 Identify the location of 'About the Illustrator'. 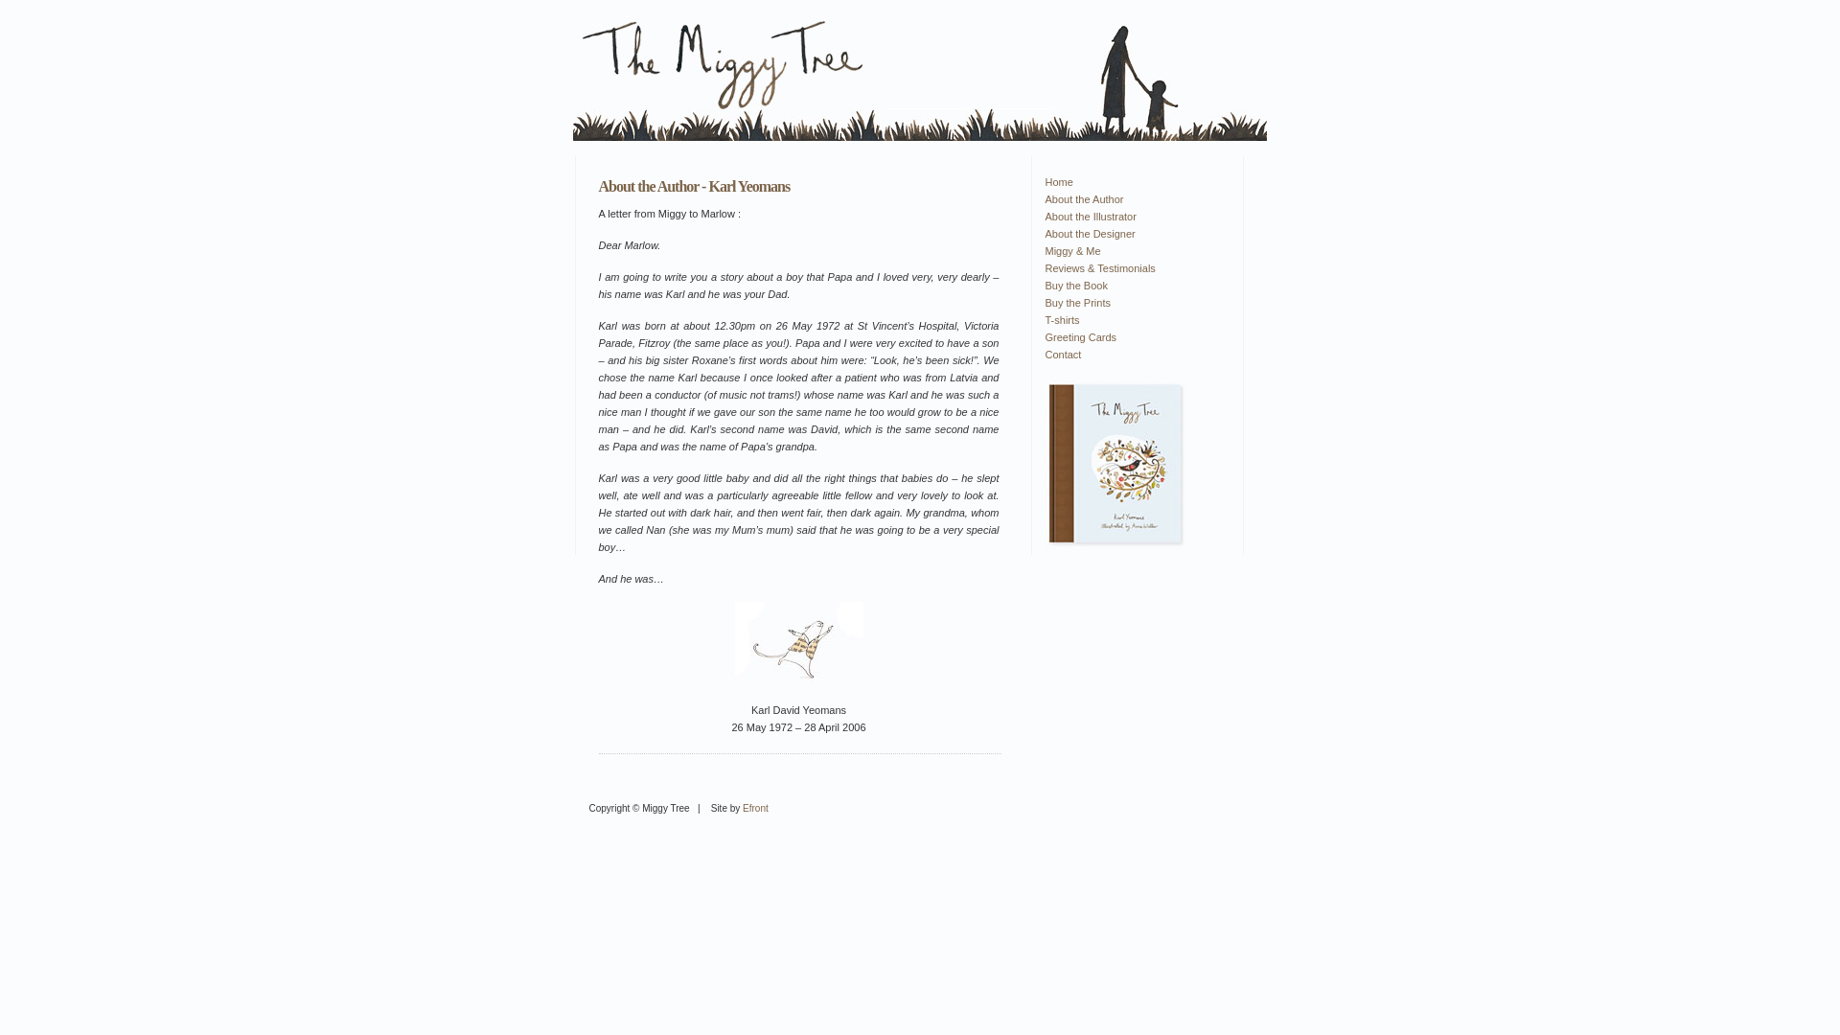
(1131, 216).